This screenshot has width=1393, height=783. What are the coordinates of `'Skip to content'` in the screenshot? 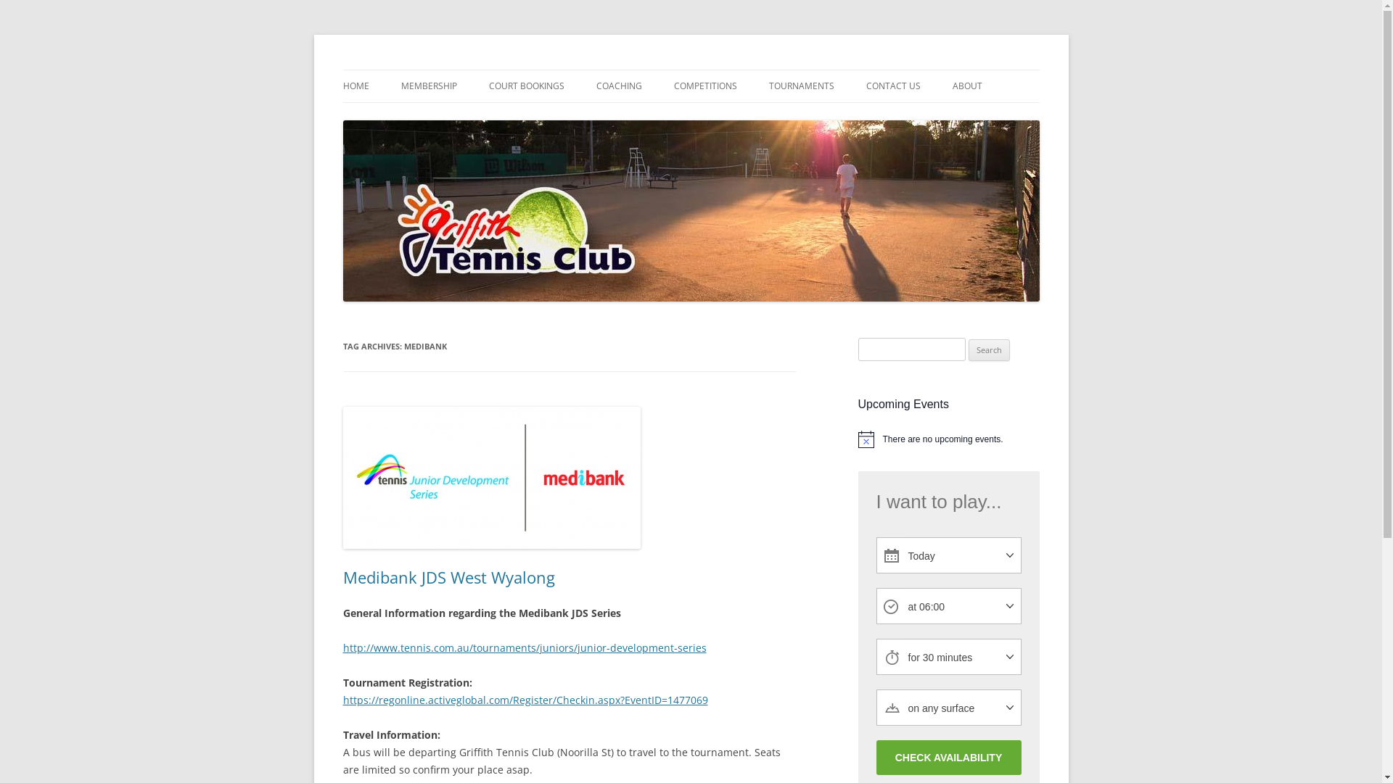 It's located at (690, 70).